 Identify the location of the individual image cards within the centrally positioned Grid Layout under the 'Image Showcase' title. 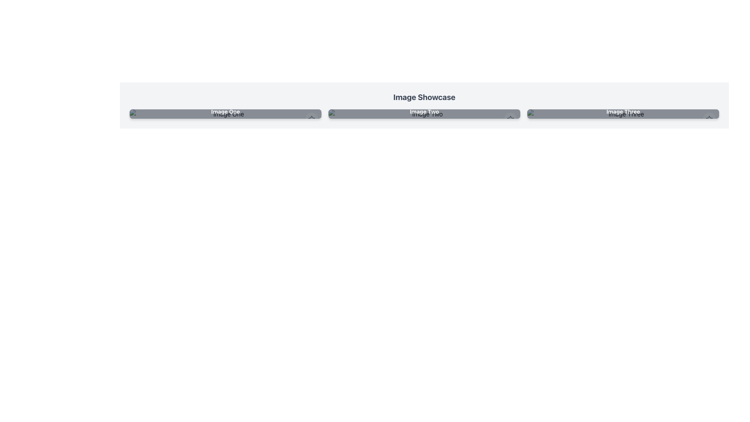
(424, 114).